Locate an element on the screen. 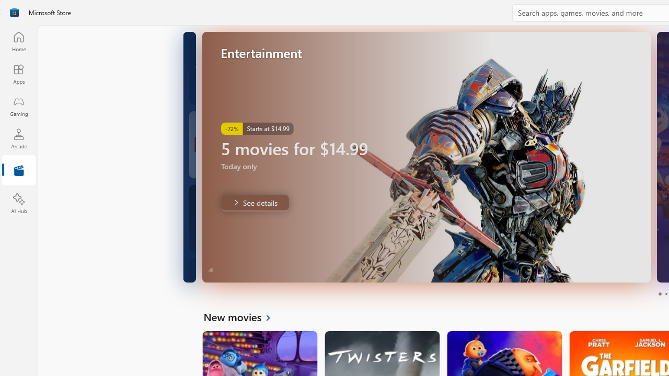 This screenshot has width=669, height=376. 'See all  New movies' is located at coordinates (243, 316).